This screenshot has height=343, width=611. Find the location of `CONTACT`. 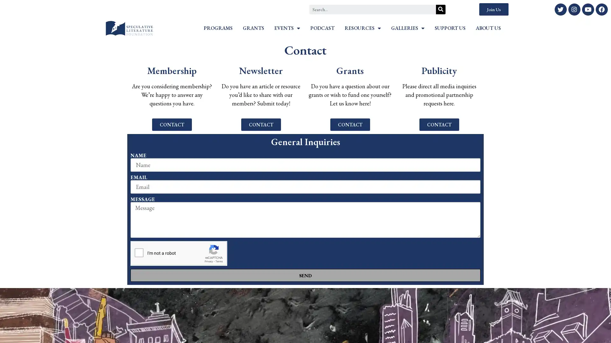

CONTACT is located at coordinates (439, 124).